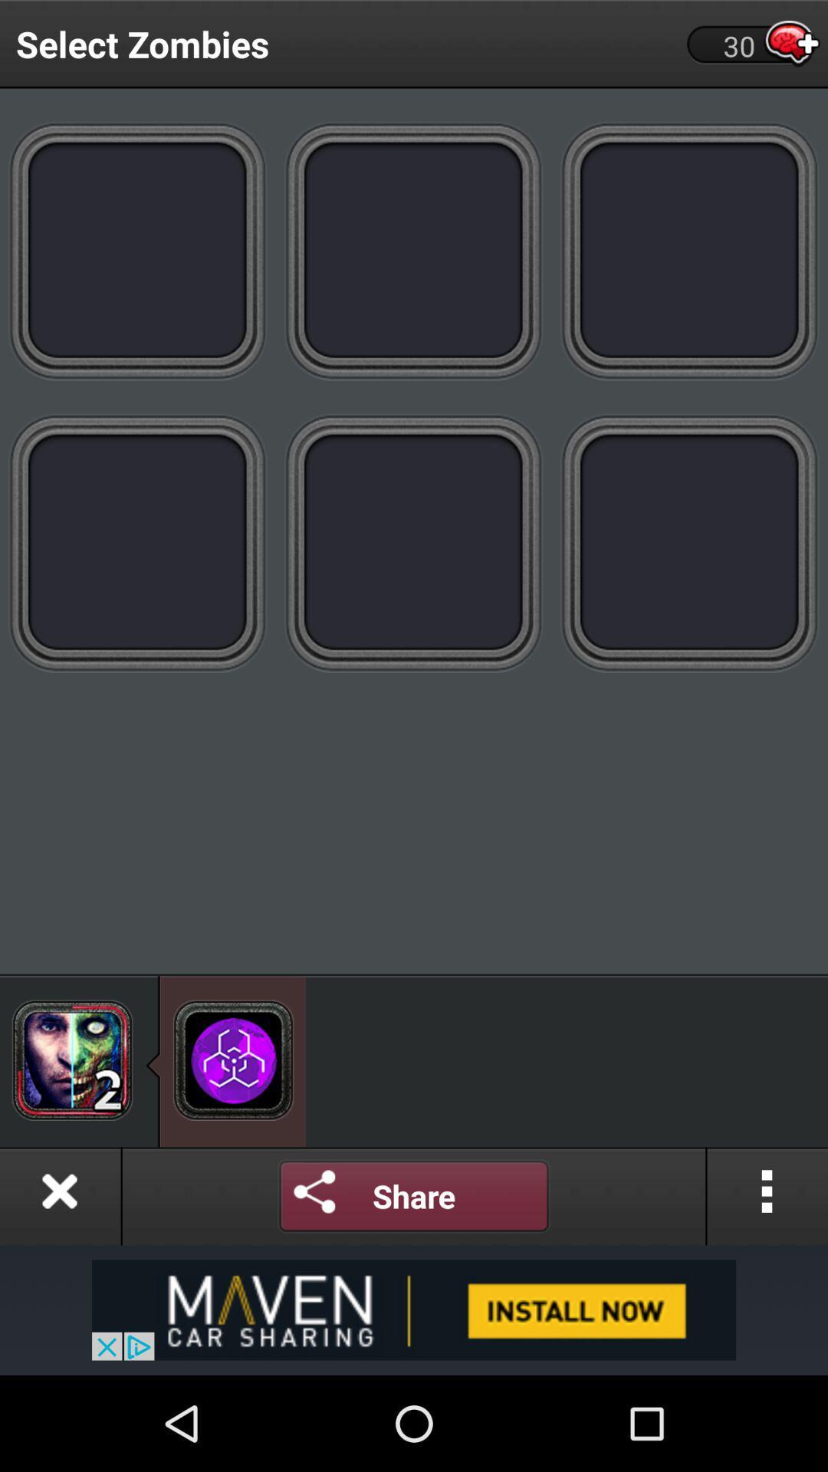  Describe the element at coordinates (414, 1195) in the screenshot. I see `share` at that location.